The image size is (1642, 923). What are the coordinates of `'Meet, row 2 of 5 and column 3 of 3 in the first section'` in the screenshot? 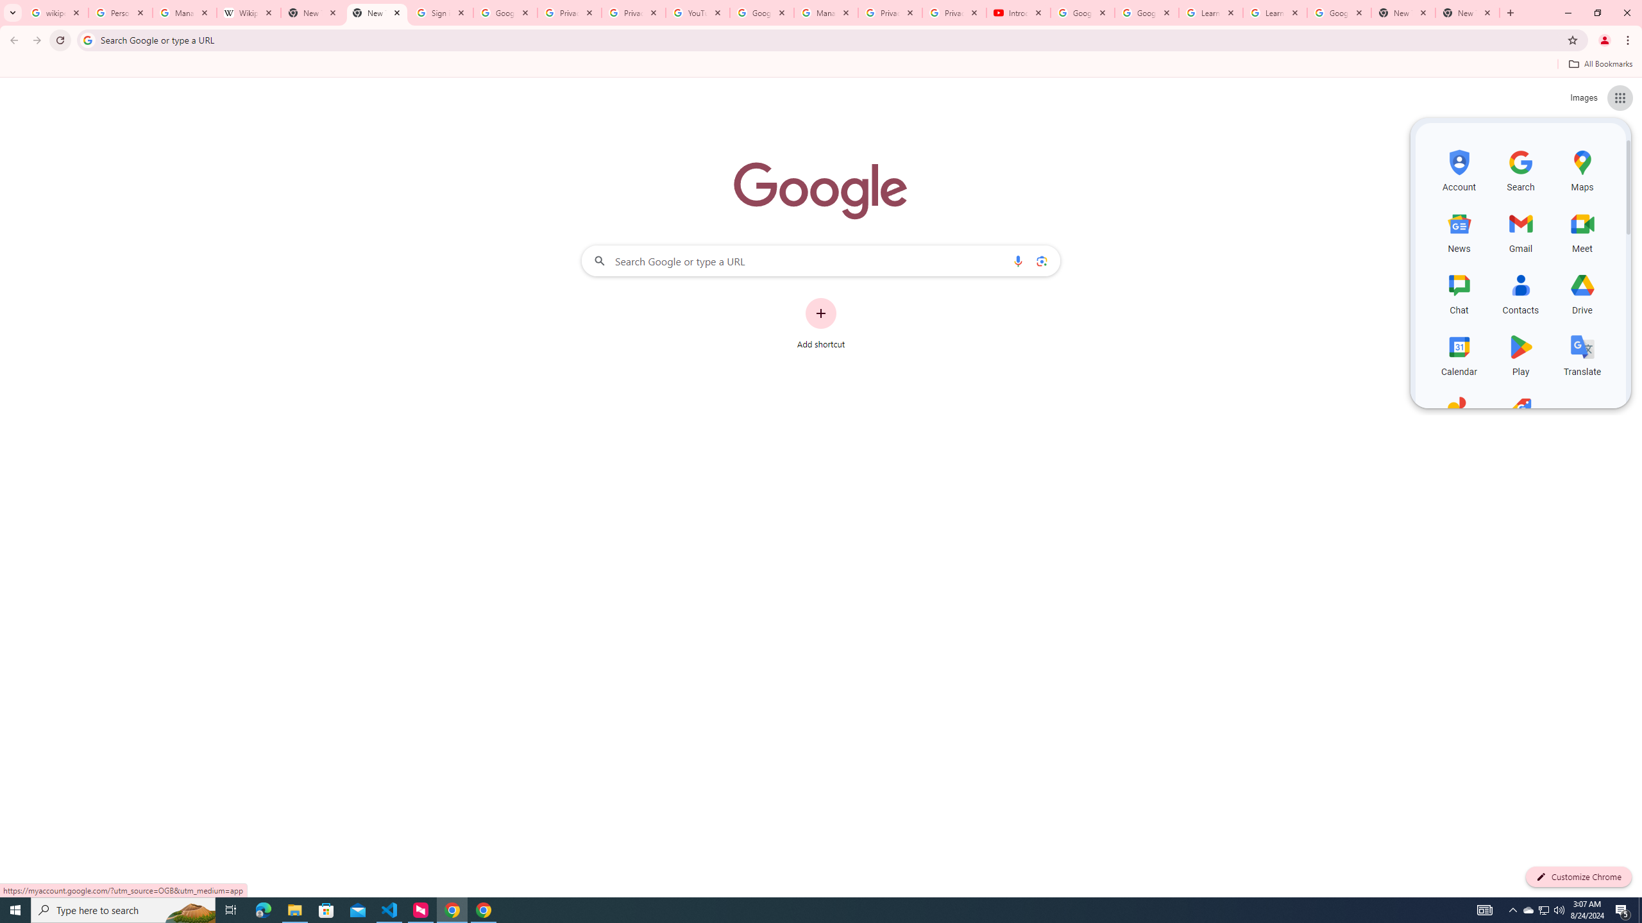 It's located at (1582, 231).